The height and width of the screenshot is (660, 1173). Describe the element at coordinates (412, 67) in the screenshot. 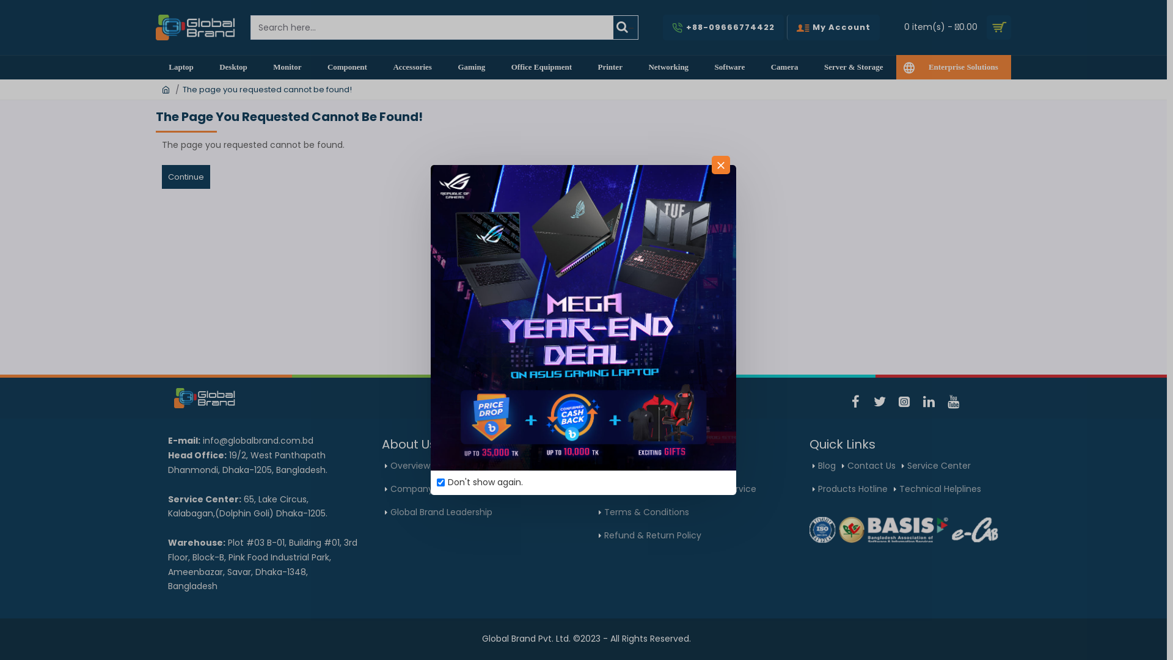

I see `'Accessories'` at that location.